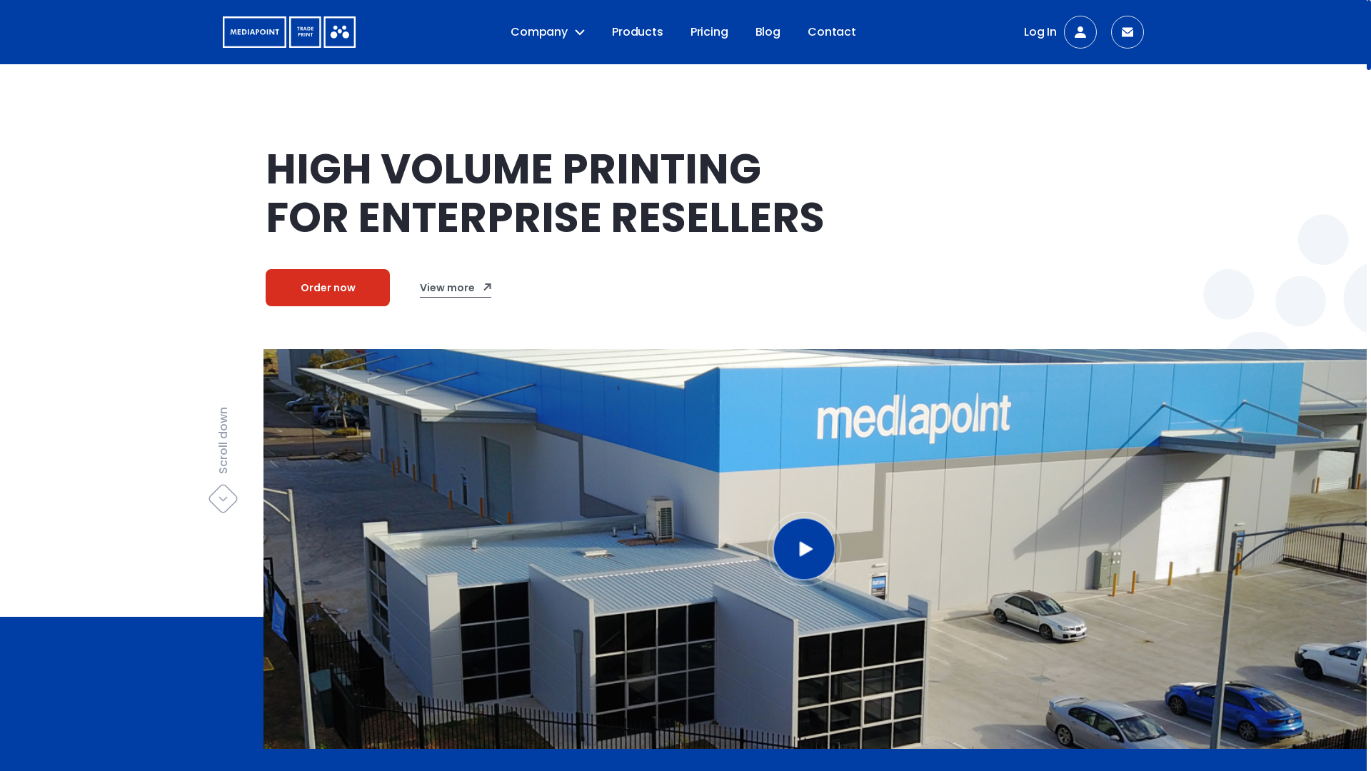 Image resolution: width=1371 pixels, height=771 pixels. Describe the element at coordinates (1060, 32) in the screenshot. I see `'Log In'` at that location.